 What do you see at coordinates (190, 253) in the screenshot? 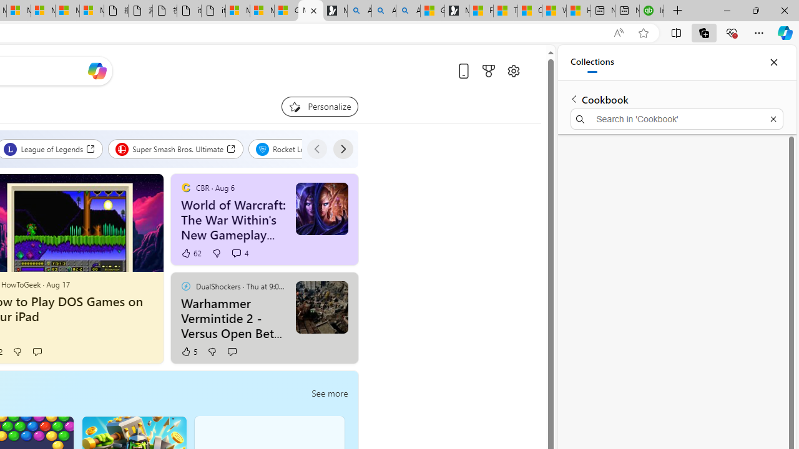
I see `'62 Like'` at bounding box center [190, 253].